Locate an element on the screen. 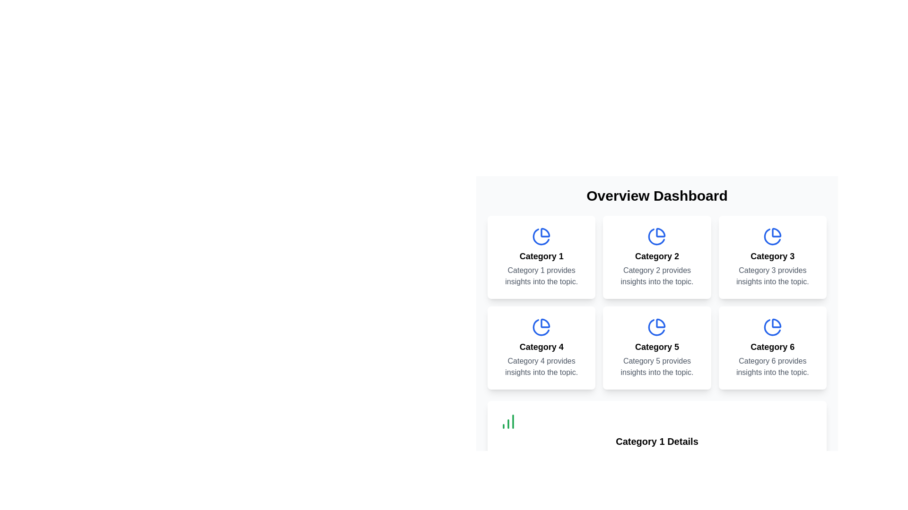  the text label reading 'Category 4' which is the second title in the card located in the second row and first column of the grid layout is located at coordinates (541, 347).